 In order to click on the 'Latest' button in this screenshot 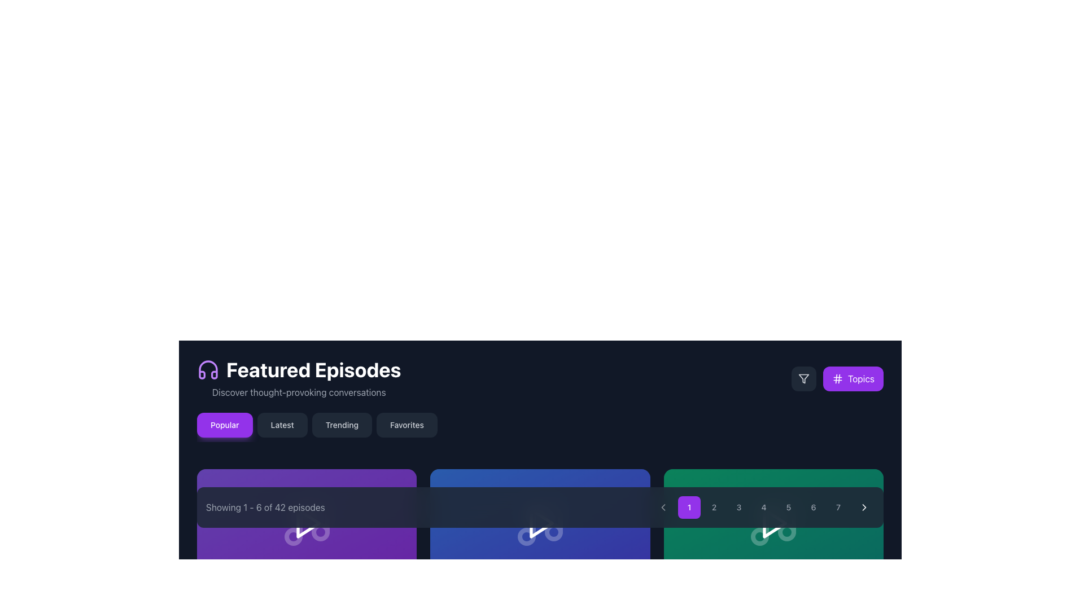, I will do `click(282, 425)`.